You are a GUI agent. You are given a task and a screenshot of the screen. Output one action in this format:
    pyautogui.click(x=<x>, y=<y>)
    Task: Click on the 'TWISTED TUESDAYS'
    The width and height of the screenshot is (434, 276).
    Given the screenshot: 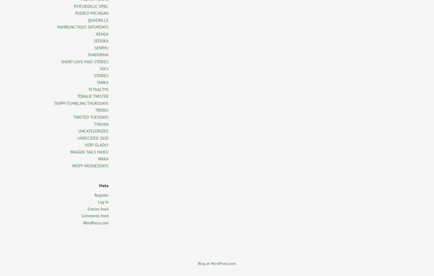 What is the action you would take?
    pyautogui.click(x=73, y=117)
    